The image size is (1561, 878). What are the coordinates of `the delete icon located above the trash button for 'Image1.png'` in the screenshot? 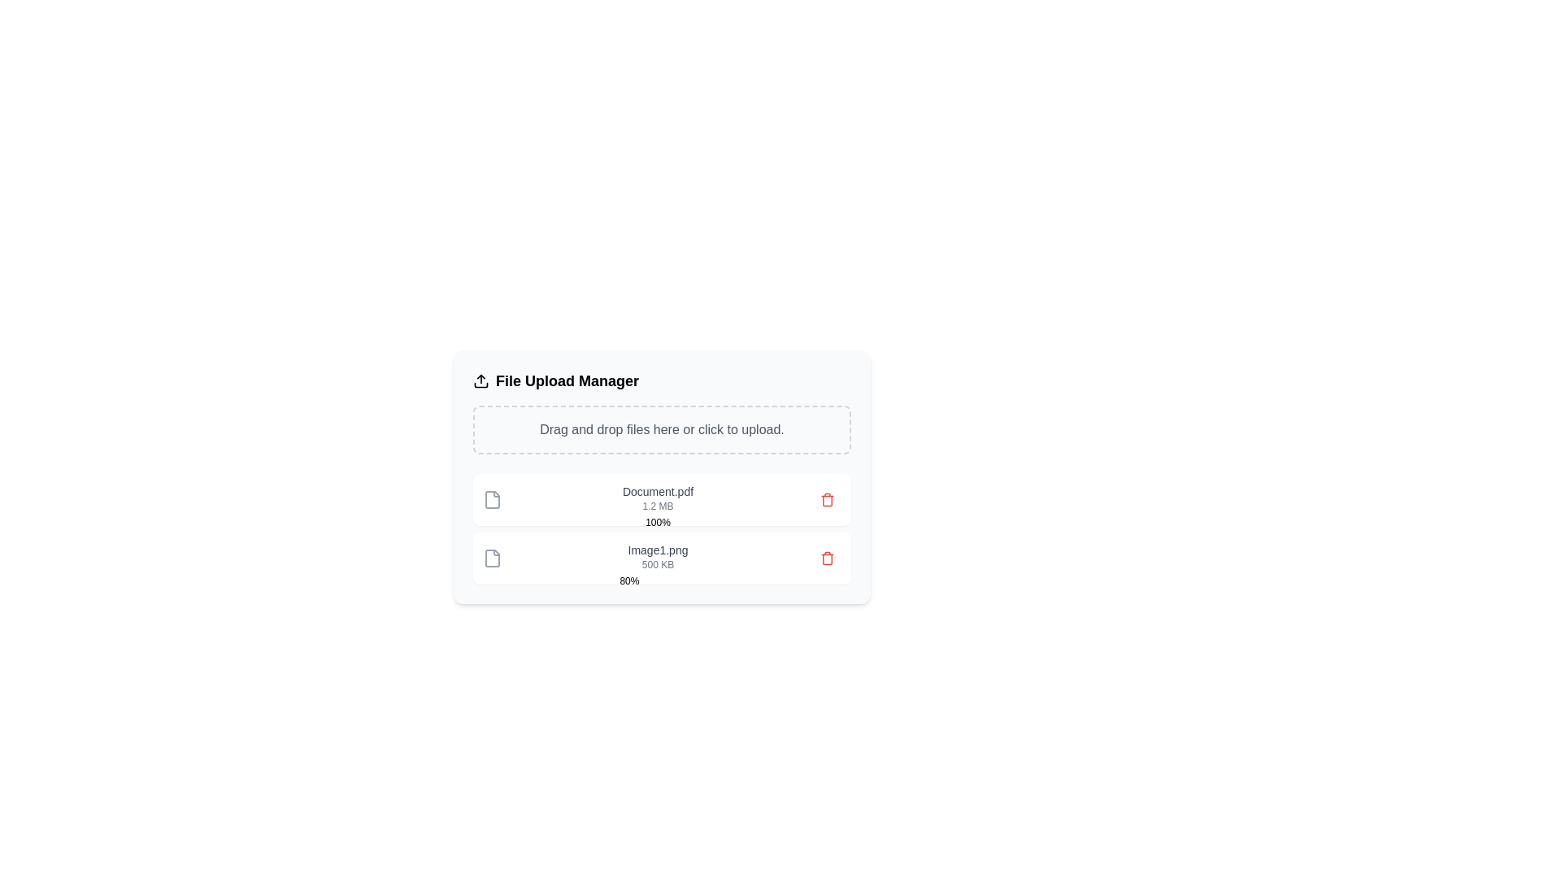 It's located at (827, 557).